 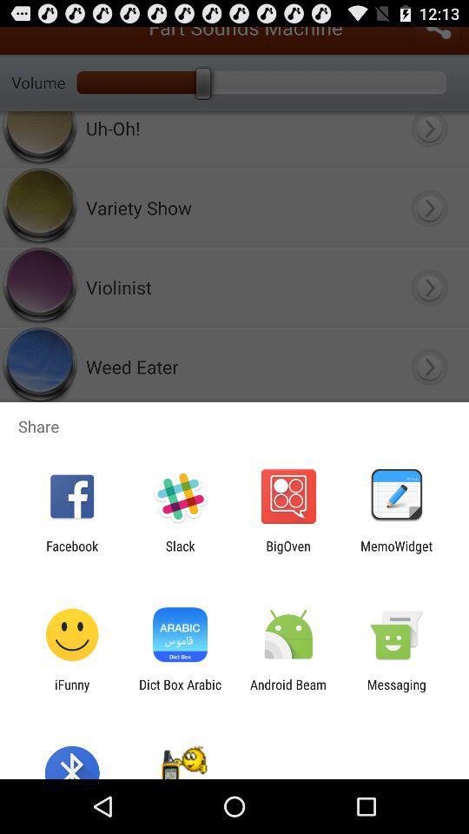 What do you see at coordinates (179, 553) in the screenshot?
I see `the app next to facebook` at bounding box center [179, 553].